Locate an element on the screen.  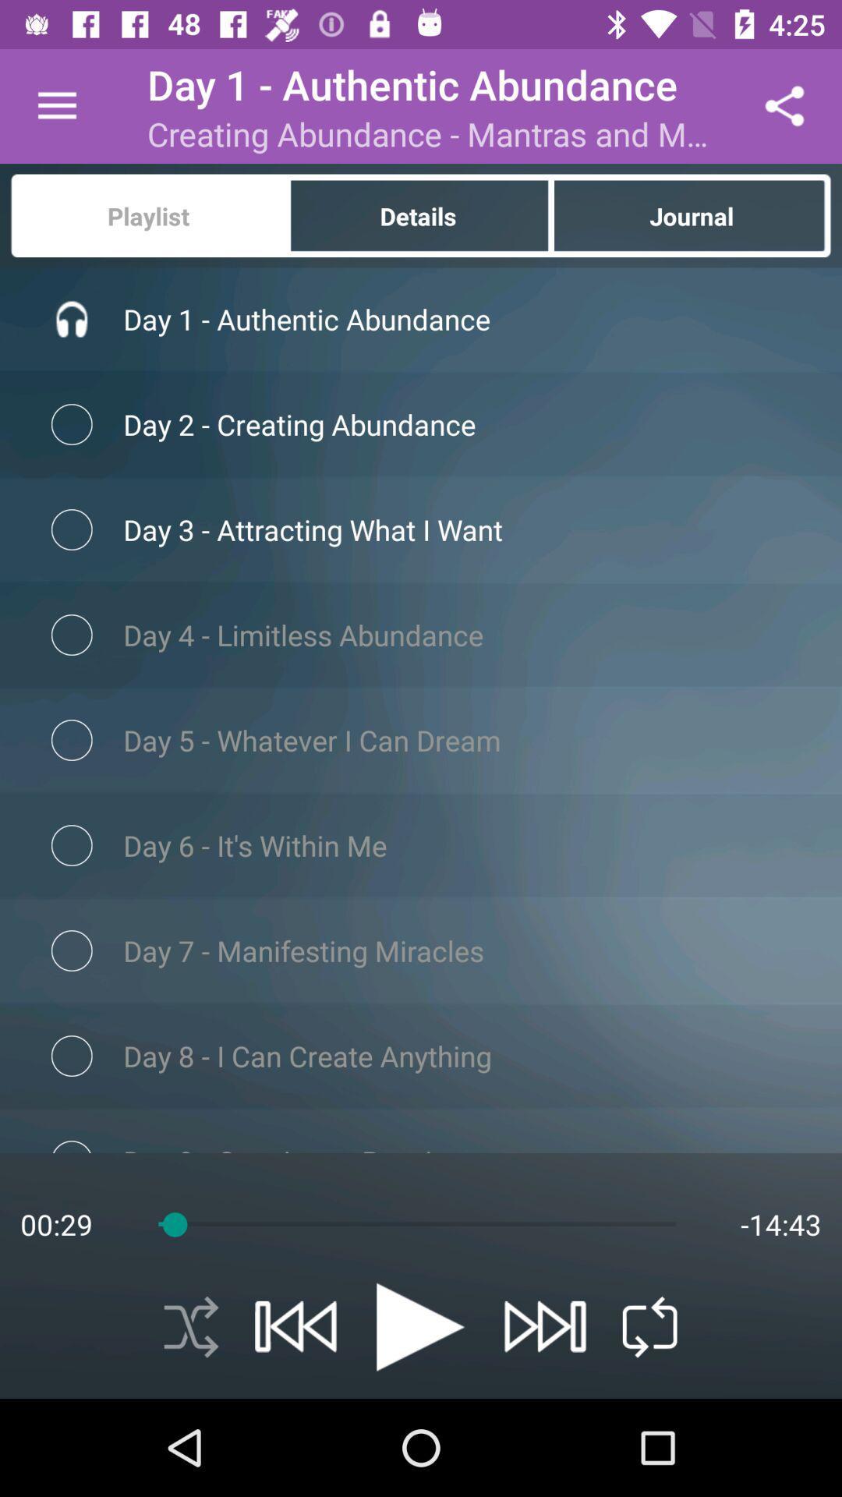
the item above journal item is located at coordinates (784, 105).